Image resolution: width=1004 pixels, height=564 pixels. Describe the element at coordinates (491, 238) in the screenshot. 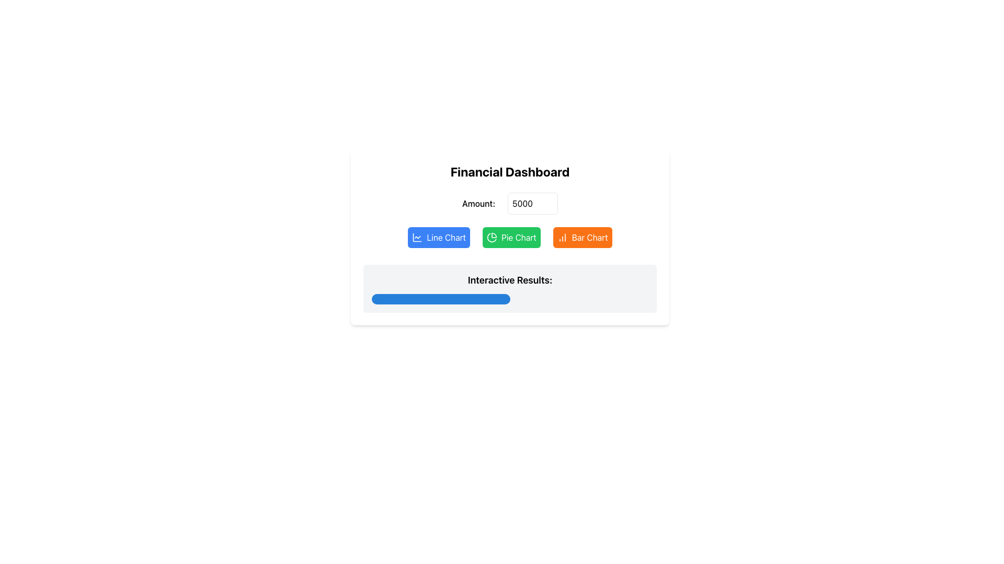

I see `the green button labeled 'Pie Chart' which contains the pie chart icon, located centrally among the three colored buttons under the 'Amount' input field` at that location.